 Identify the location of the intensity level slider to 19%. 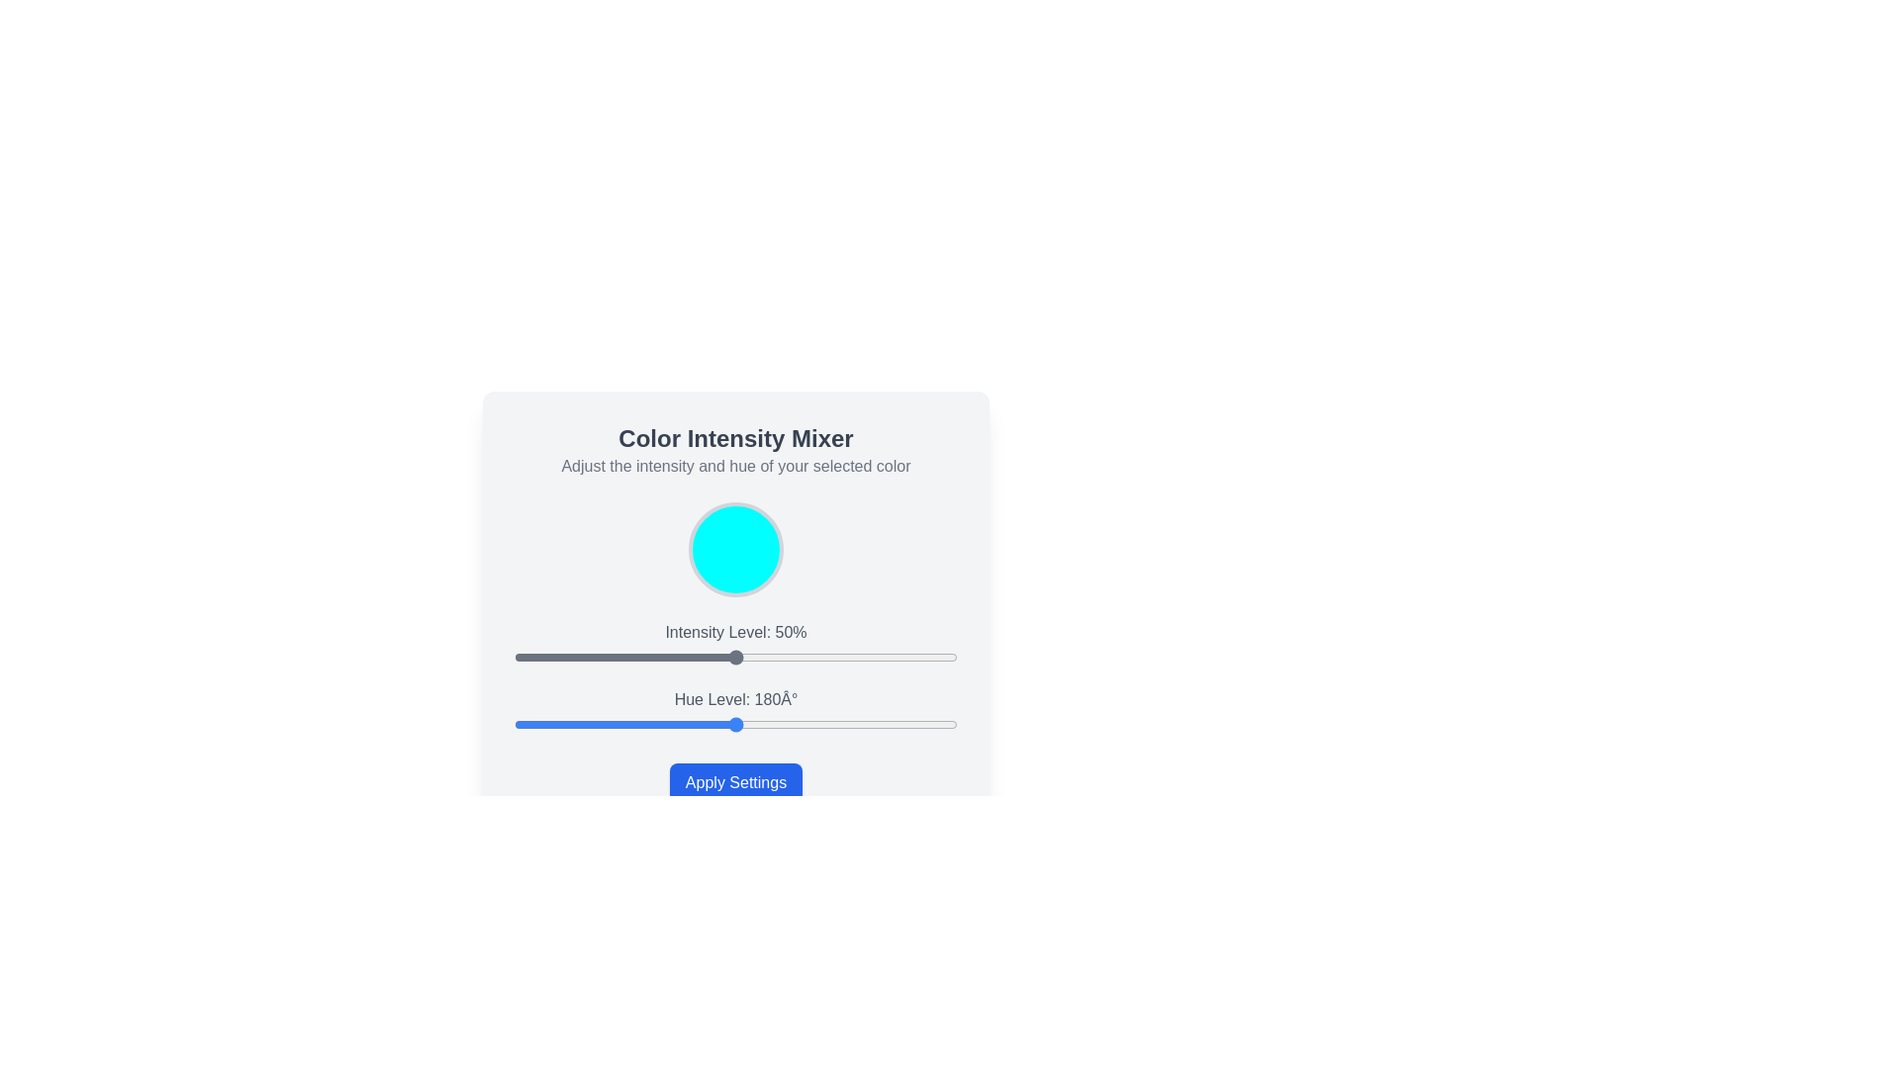
(598, 657).